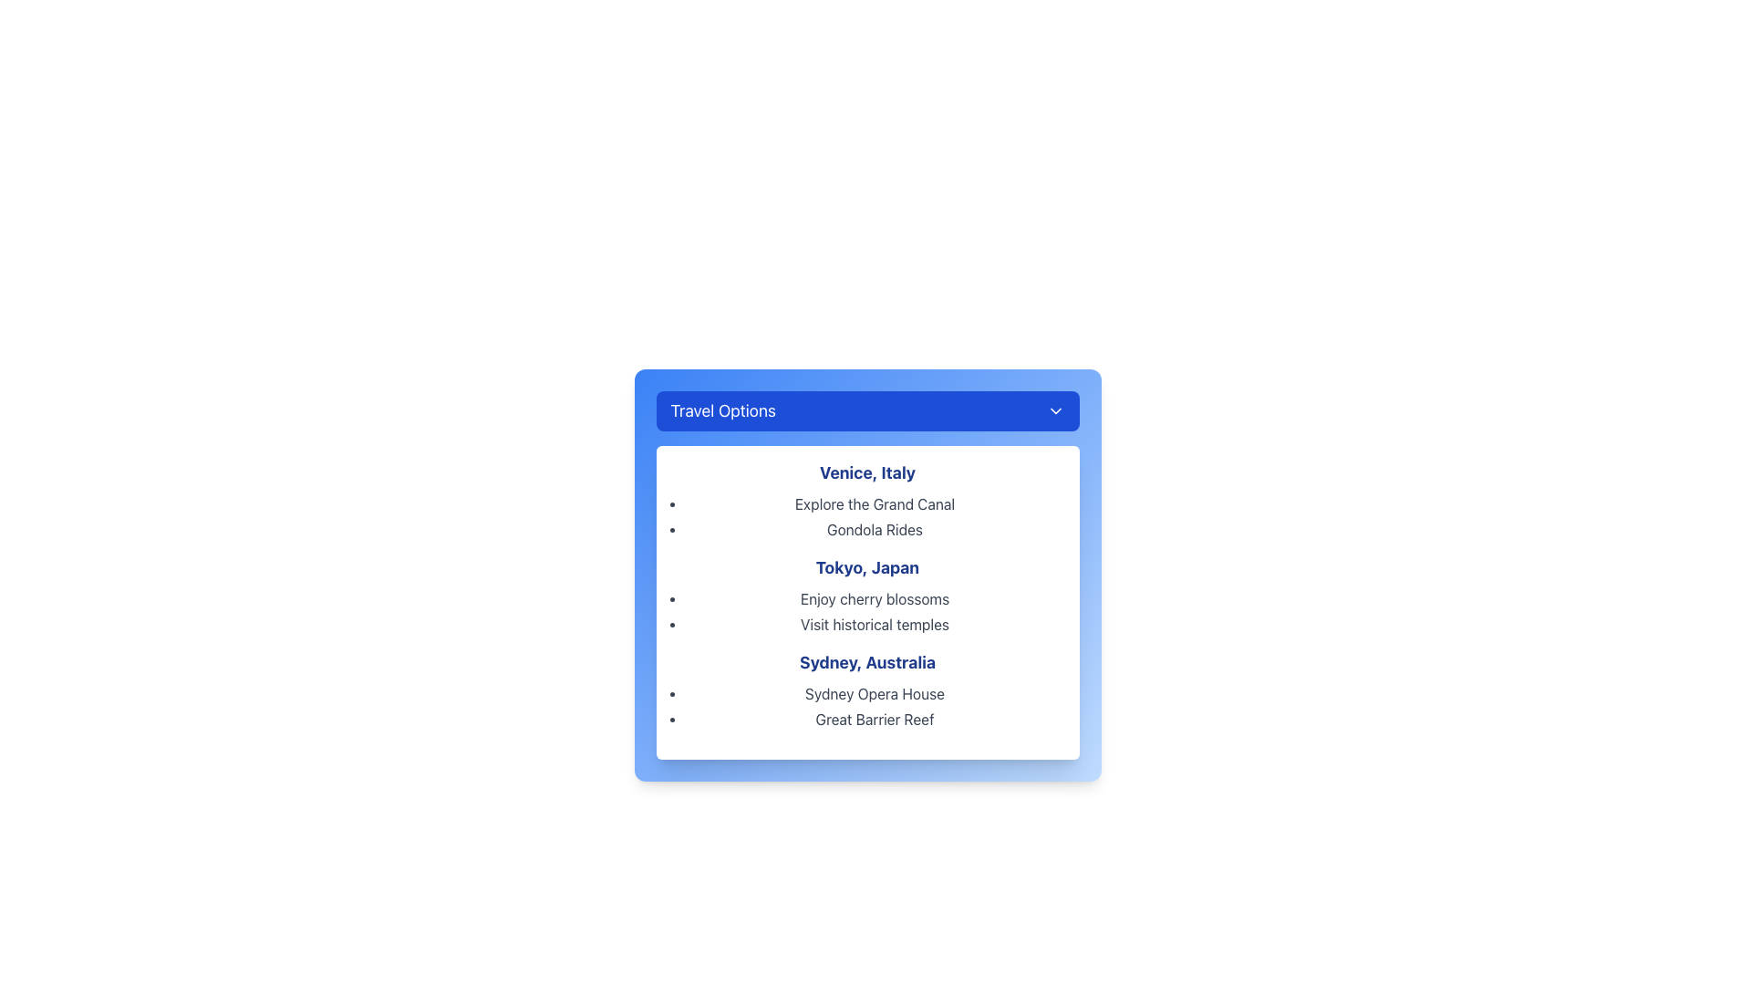 Image resolution: width=1751 pixels, height=985 pixels. What do you see at coordinates (866, 472) in the screenshot?
I see `header text that introduces content related to Venice, Italy, located above the texts 'Explore the Grand Canal' and 'Gondola Rides'` at bounding box center [866, 472].